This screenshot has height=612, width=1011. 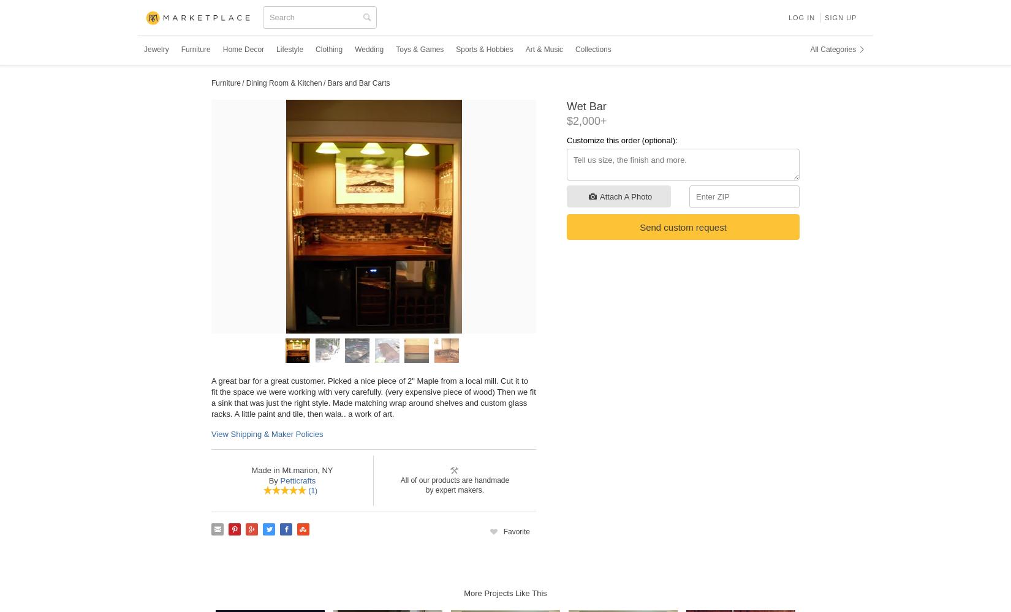 What do you see at coordinates (454, 490) in the screenshot?
I see `'by expert makers.'` at bounding box center [454, 490].